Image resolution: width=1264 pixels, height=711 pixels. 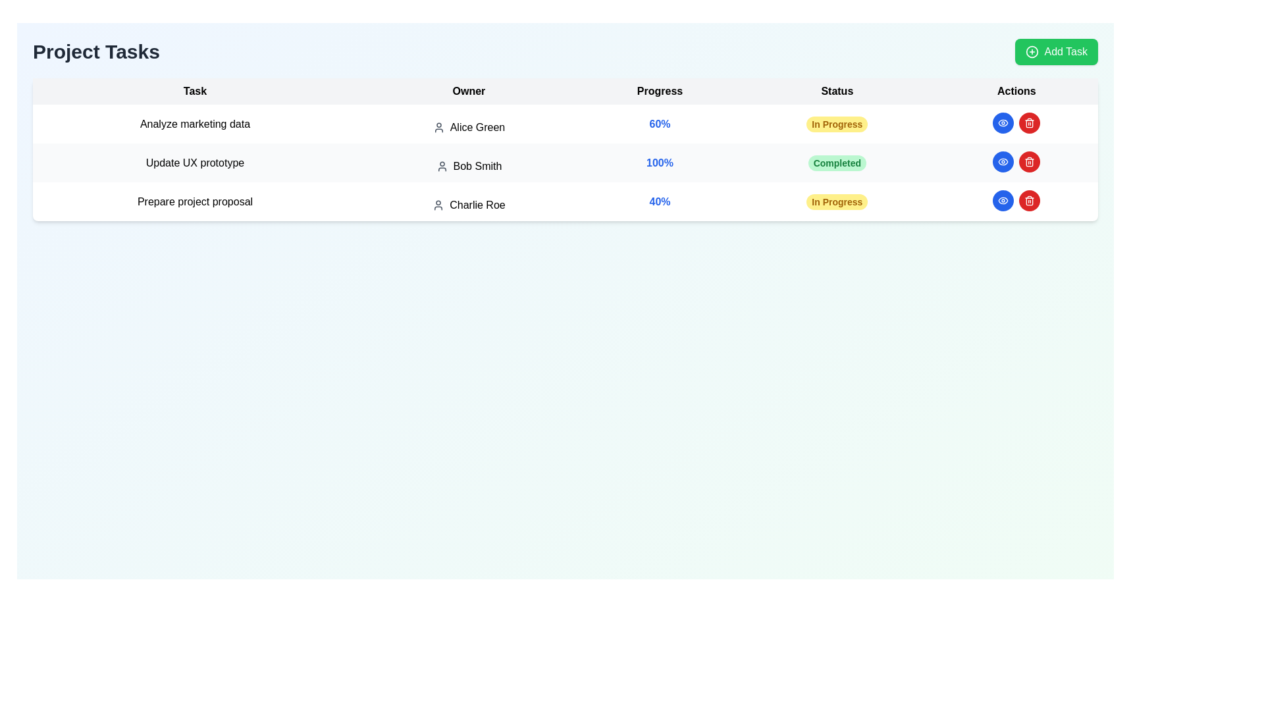 What do you see at coordinates (836, 162) in the screenshot?
I see `the status label indicating the completion of the task 'Update UX prototype' owned by 'Bob Smith', located in the 'Status' column of the second row, next to the '100%' progress indicator` at bounding box center [836, 162].